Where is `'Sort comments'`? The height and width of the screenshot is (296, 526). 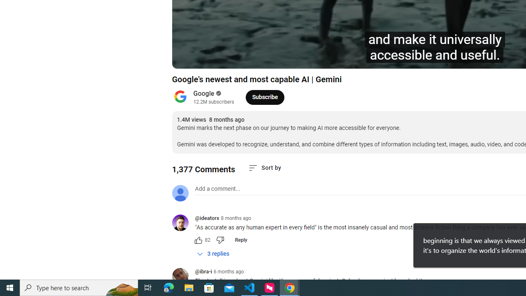 'Sort comments' is located at coordinates (265, 167).